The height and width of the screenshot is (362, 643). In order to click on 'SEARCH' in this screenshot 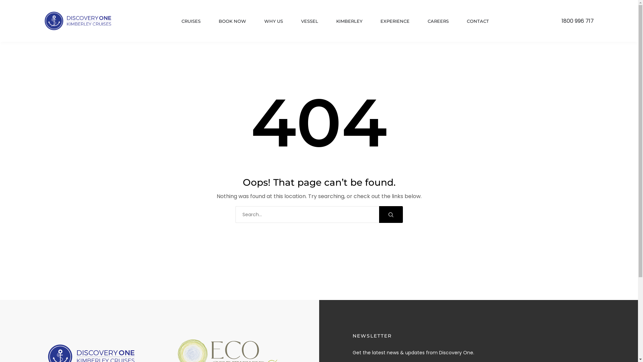, I will do `click(391, 215)`.